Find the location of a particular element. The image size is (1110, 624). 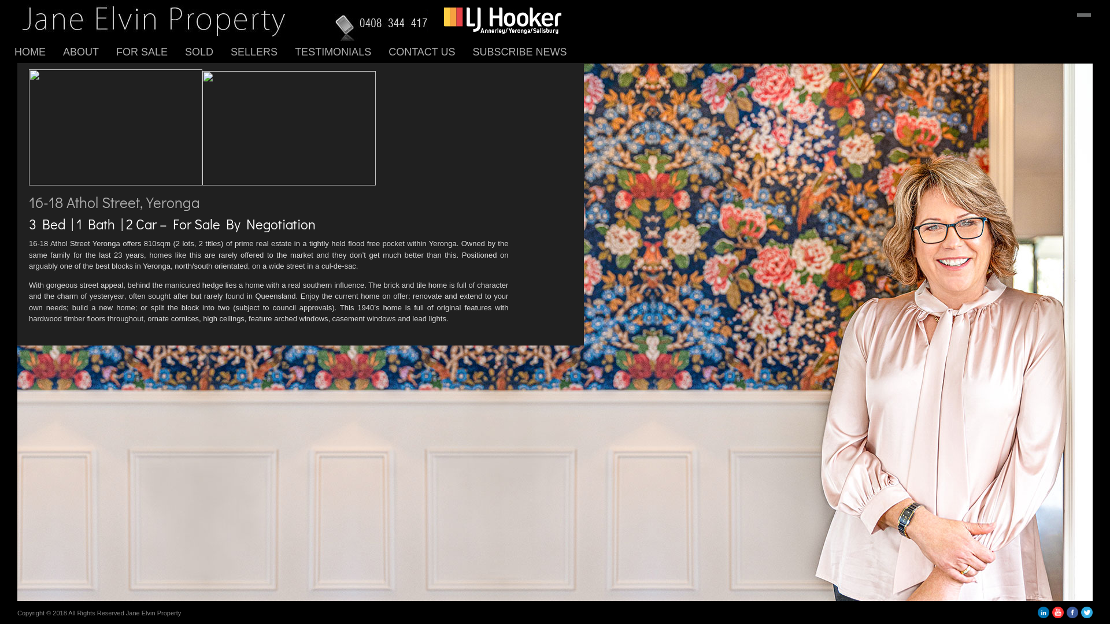

'Twitter' is located at coordinates (1086, 615).